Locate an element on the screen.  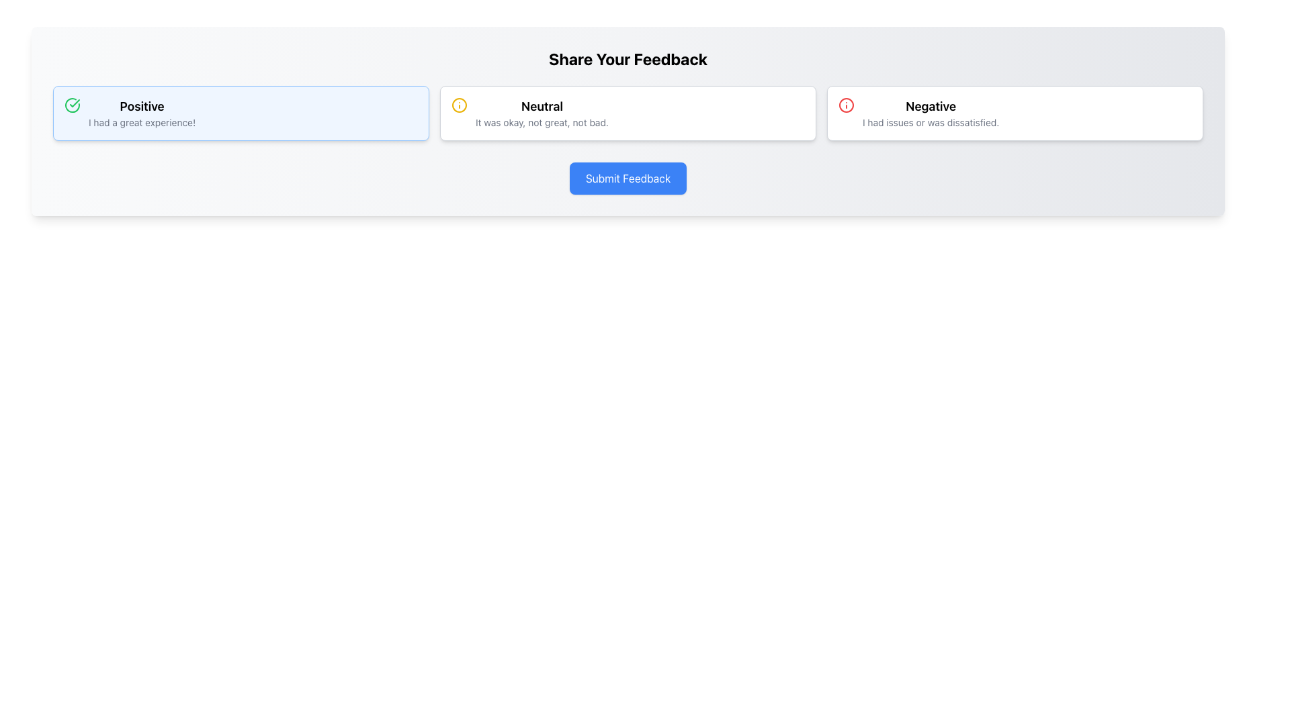
the label displaying the text 'It was okay, not great, not bad.' located beneath the heading 'Neutral' in the feedback card is located at coordinates (542, 122).